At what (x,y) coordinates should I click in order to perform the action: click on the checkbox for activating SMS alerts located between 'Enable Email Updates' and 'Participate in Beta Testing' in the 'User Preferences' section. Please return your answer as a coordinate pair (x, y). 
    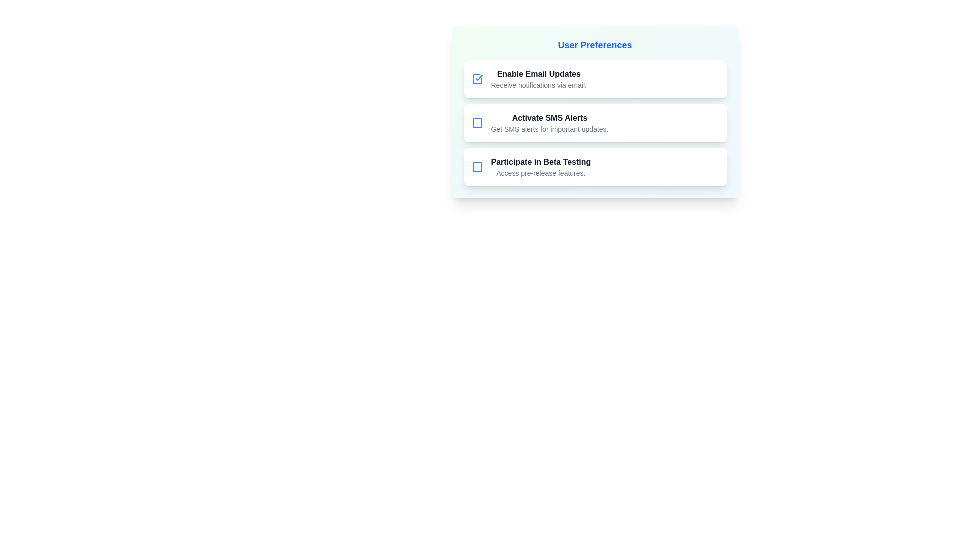
    Looking at the image, I should click on (595, 122).